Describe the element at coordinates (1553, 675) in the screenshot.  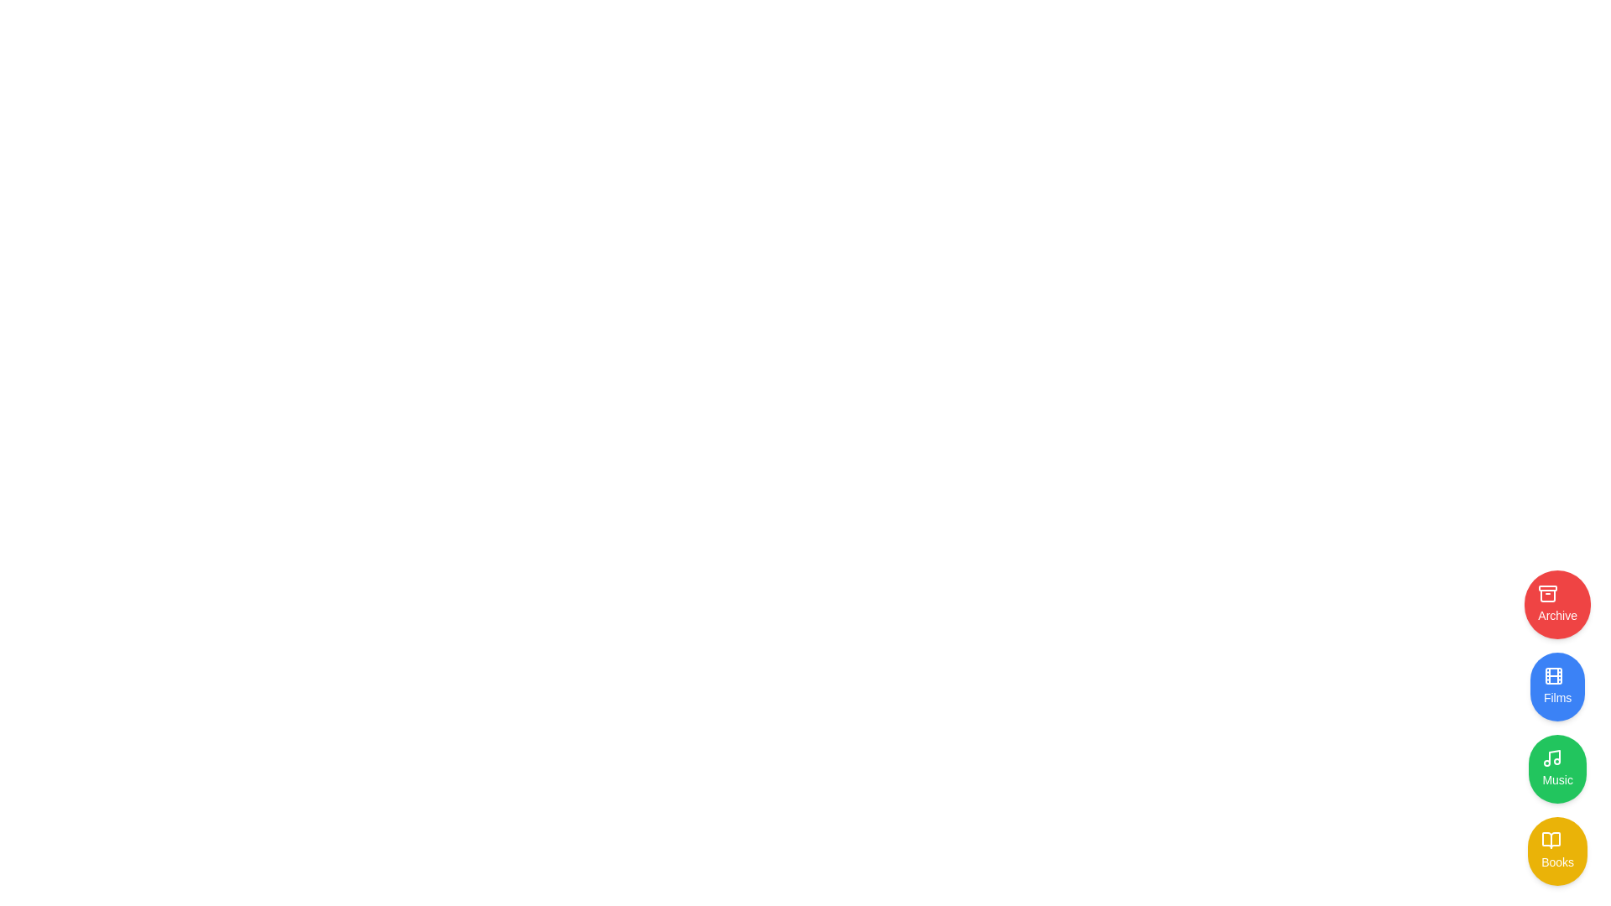
I see `the SVG film reel icon located within the blue circular button labeled 'Films', which is the second button in the vertical row of buttons on the right side of the interface` at that location.